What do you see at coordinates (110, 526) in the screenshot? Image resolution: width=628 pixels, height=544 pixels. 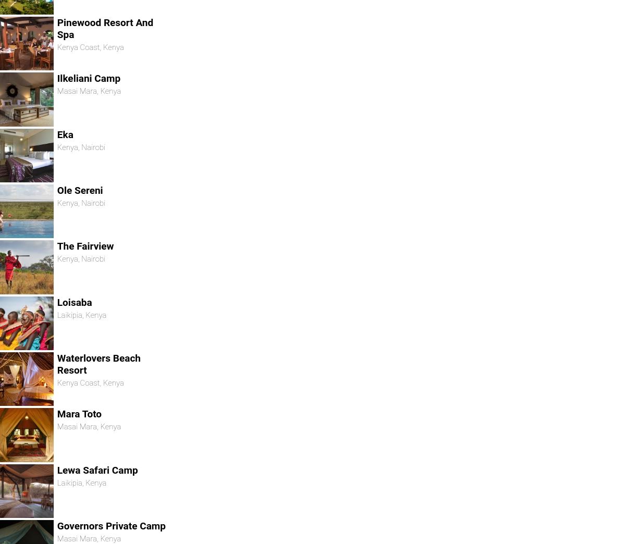 I see `'Governors Private Camp'` at bounding box center [110, 526].